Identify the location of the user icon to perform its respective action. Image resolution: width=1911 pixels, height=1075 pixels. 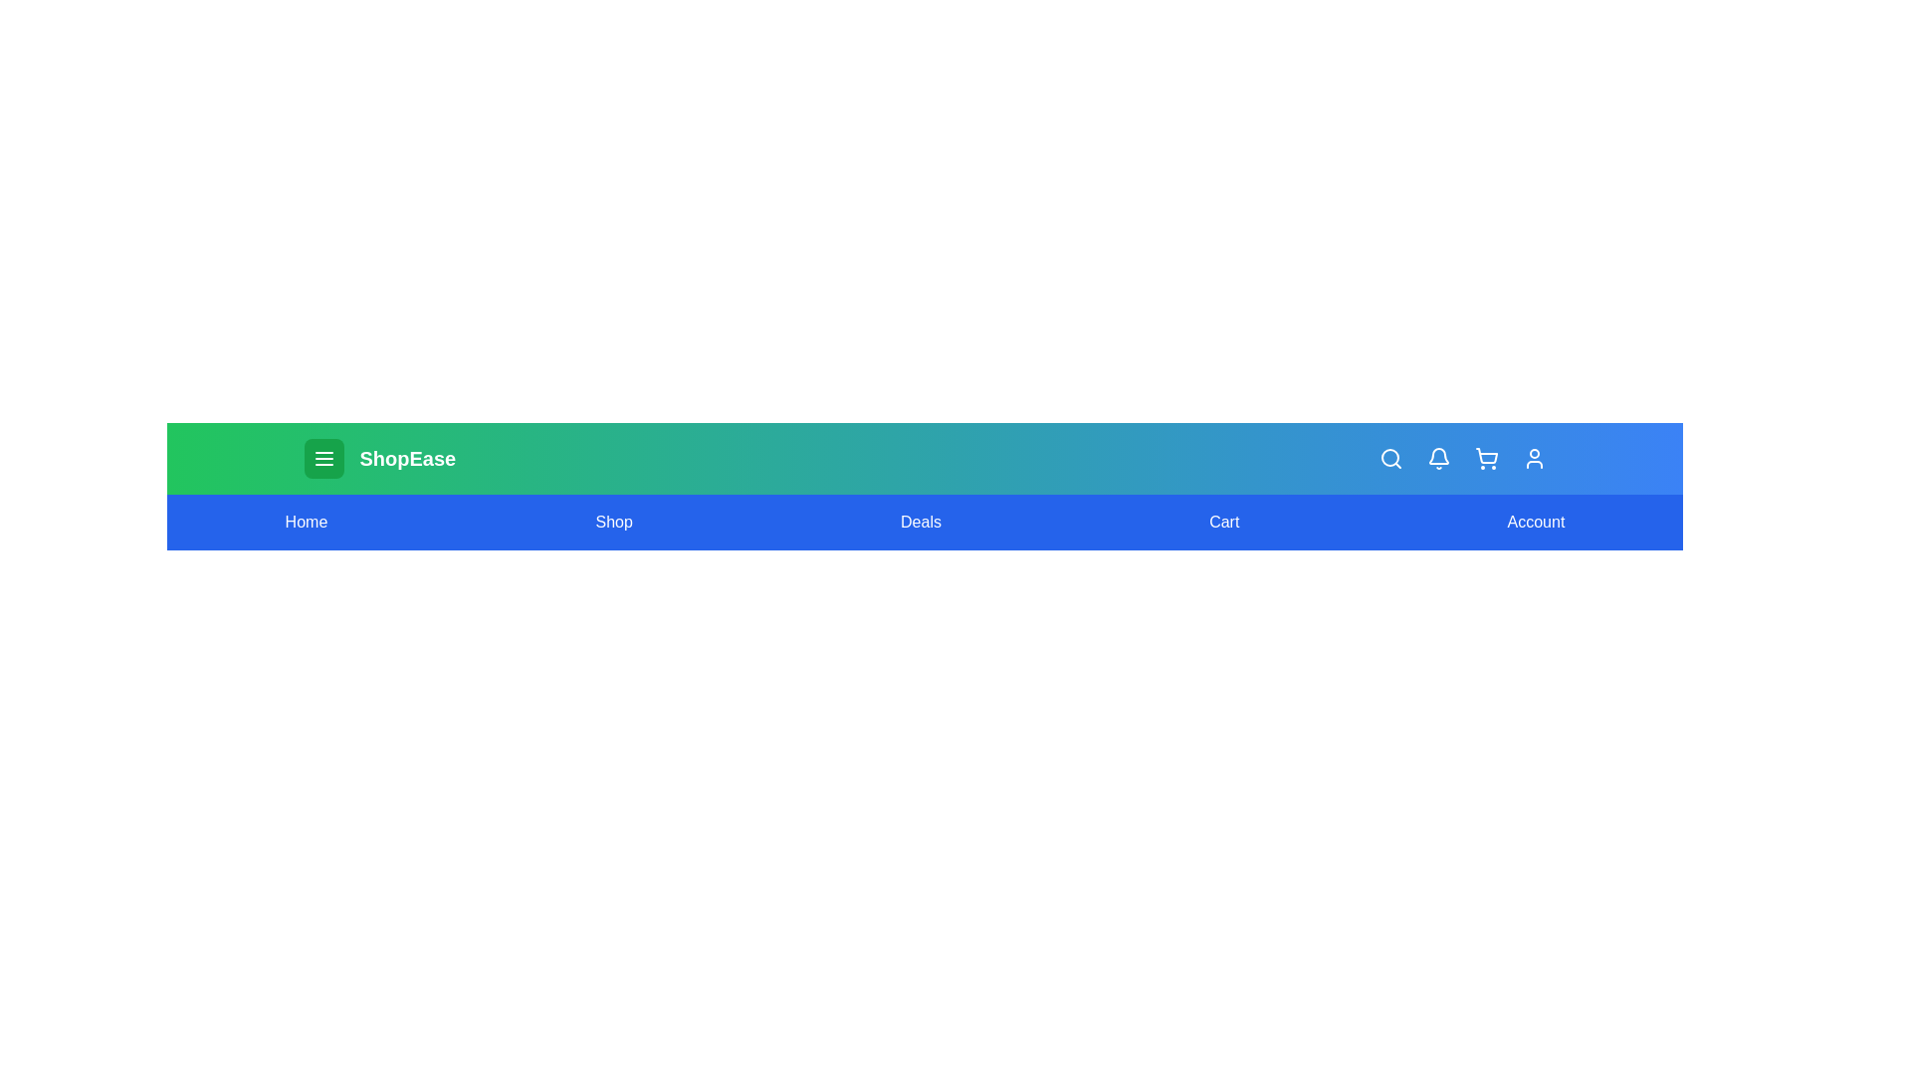
(1533, 459).